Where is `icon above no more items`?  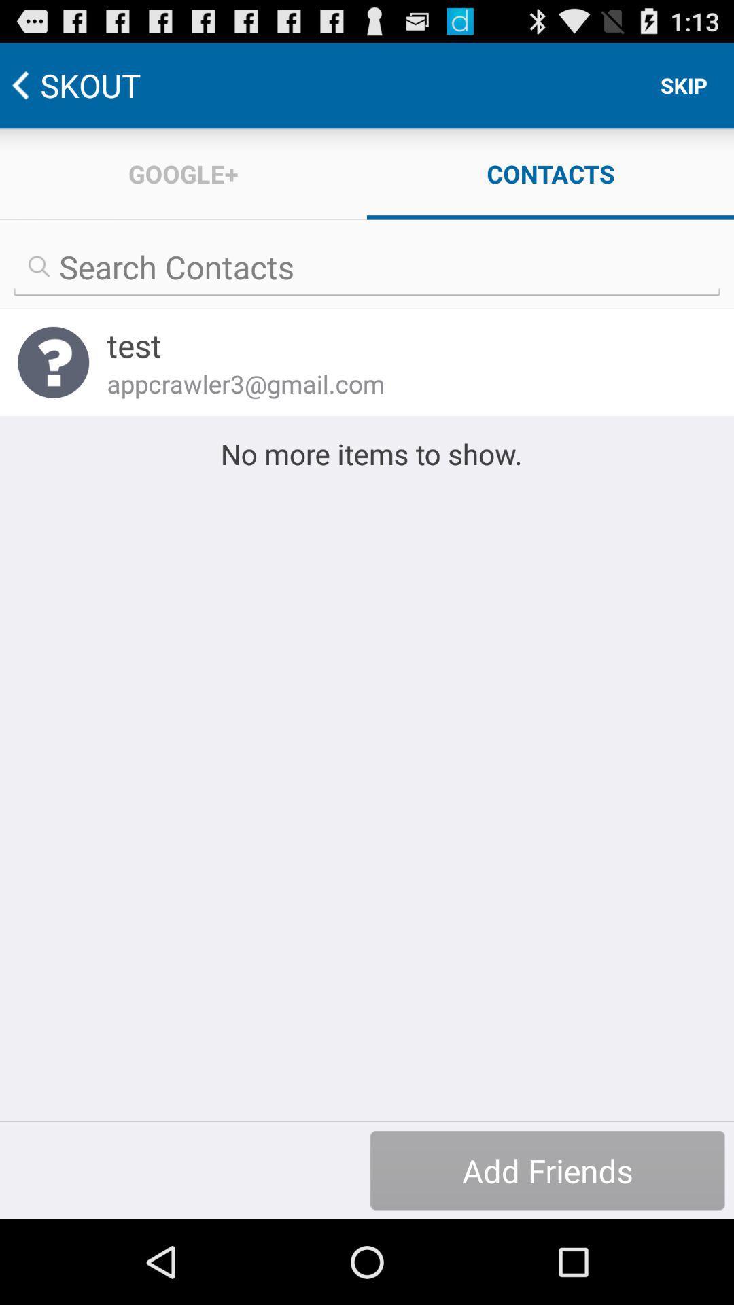
icon above no more items is located at coordinates (402, 383).